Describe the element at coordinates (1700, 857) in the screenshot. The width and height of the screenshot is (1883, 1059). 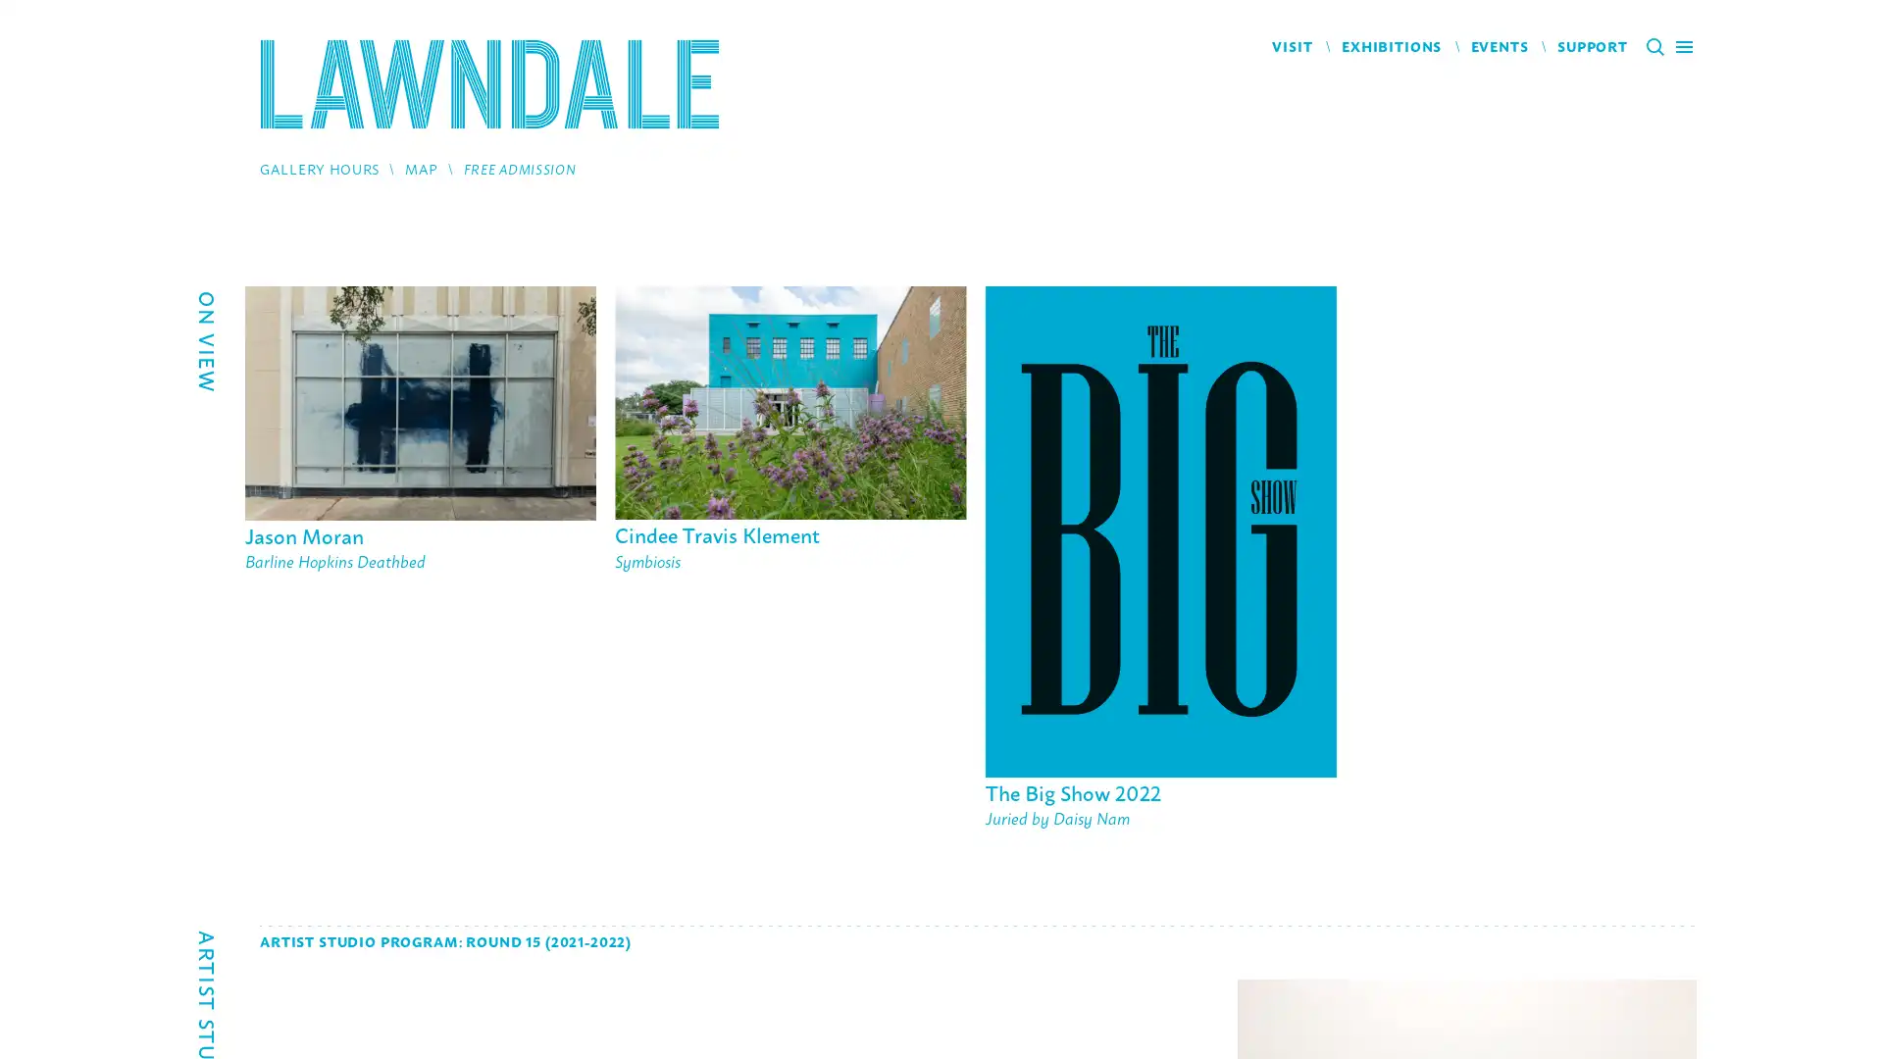
I see `Next` at that location.